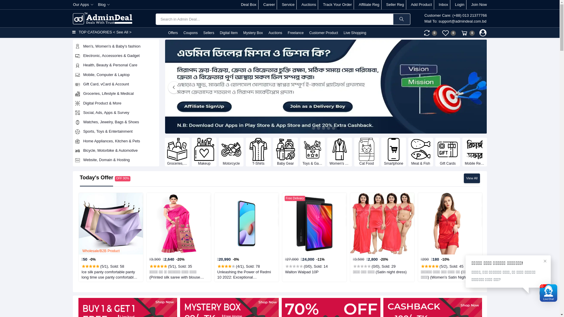 This screenshot has width=564, height=317. I want to click on '1', so click(311, 128).